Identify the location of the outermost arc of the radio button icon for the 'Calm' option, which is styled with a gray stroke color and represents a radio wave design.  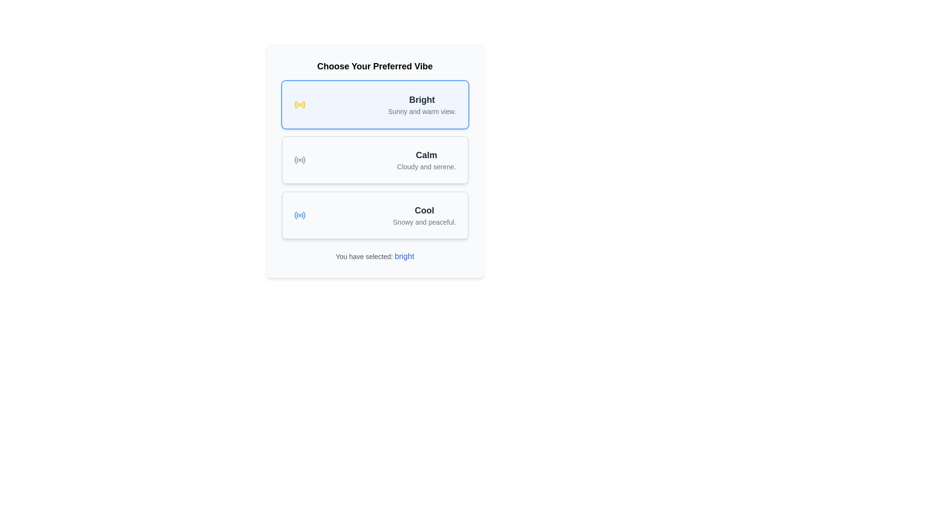
(303, 159).